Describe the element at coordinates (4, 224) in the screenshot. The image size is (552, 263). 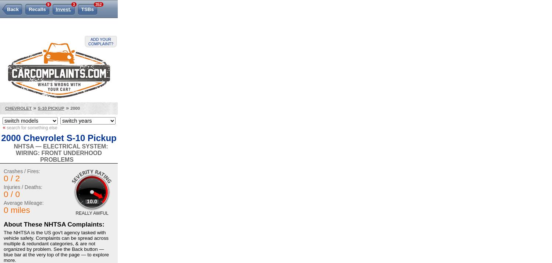
I see `'About These NHTSA Complaints:'` at that location.